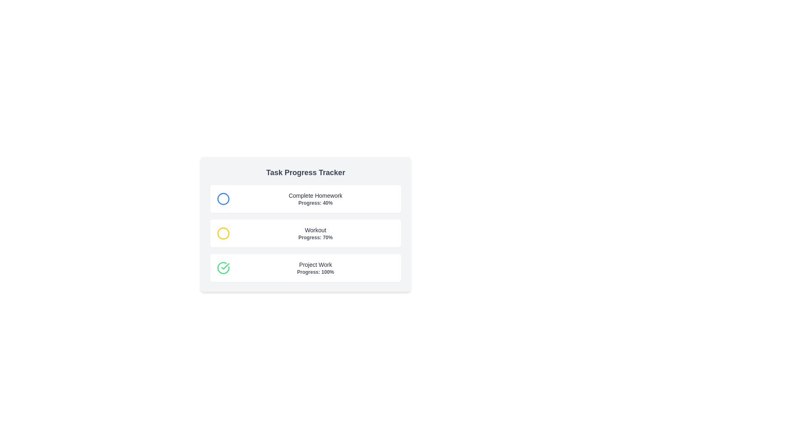  Describe the element at coordinates (315, 195) in the screenshot. I see `text of the label that says 'Complete Homework', which is styled with a small font size and medium weight, located at the top of the task progress tracker` at that location.